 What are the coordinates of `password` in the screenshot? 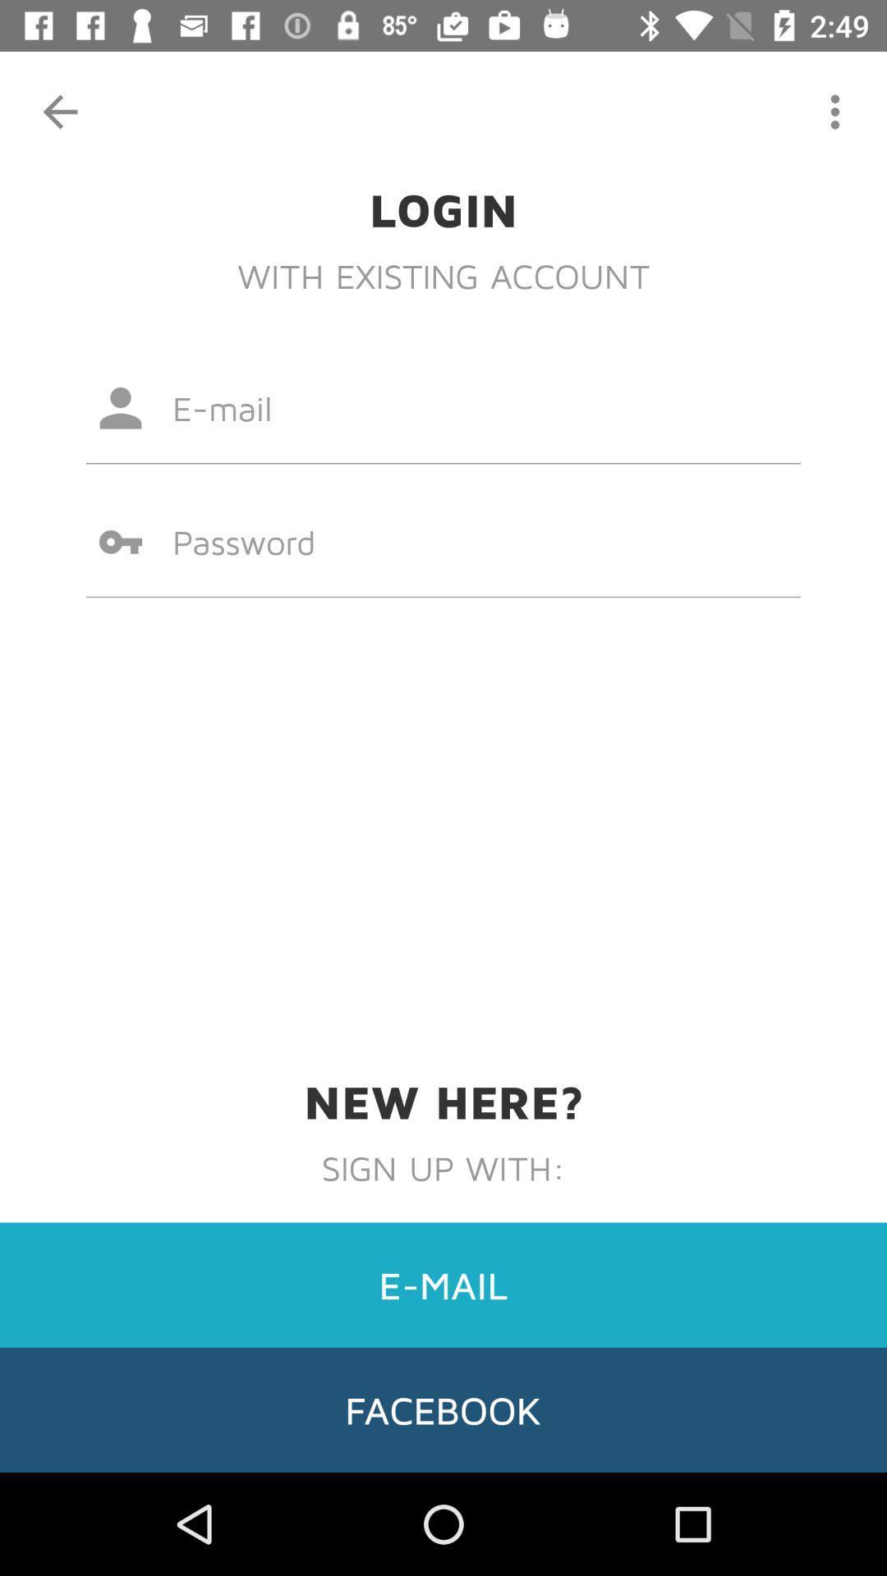 It's located at (443, 542).